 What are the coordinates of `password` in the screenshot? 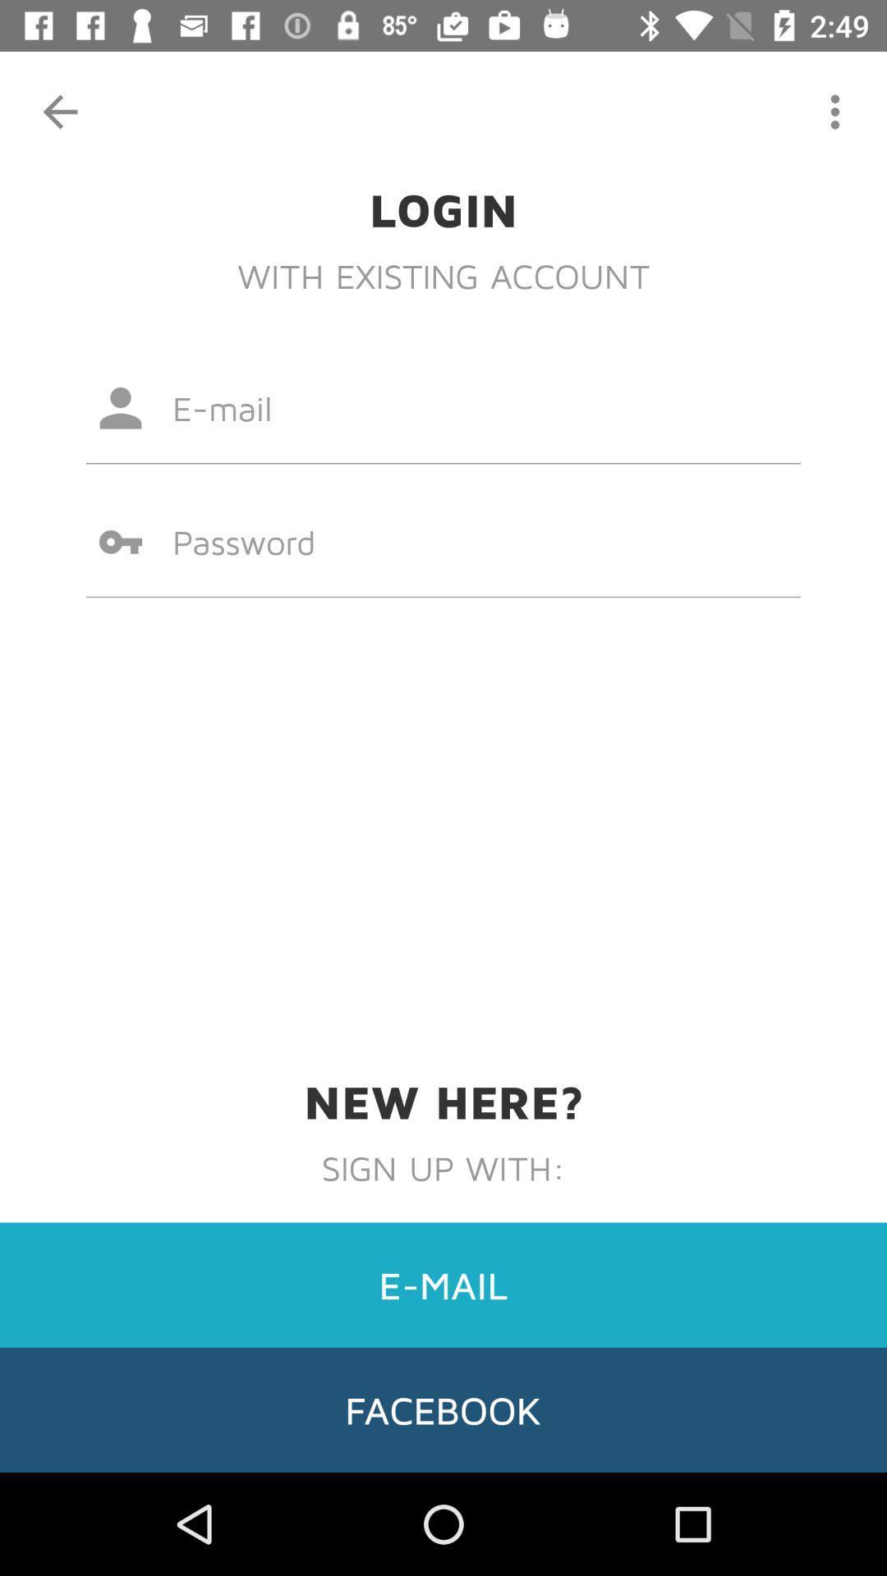 It's located at (443, 542).